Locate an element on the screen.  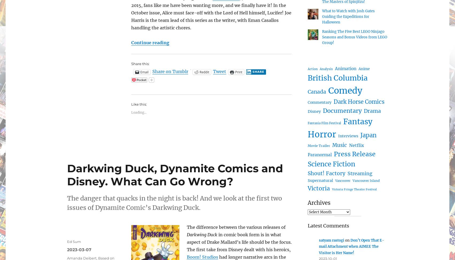
'Press Release' is located at coordinates (354, 154).